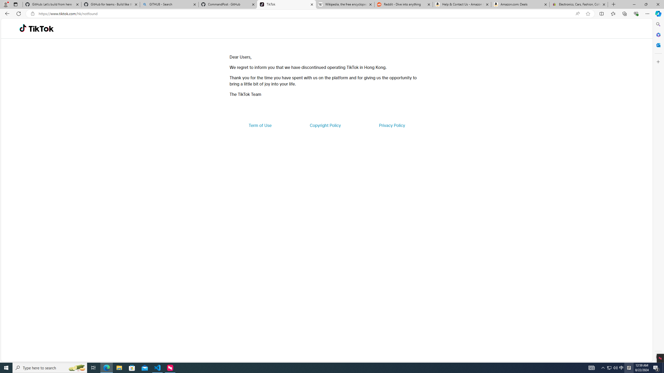 The height and width of the screenshot is (373, 664). What do you see at coordinates (325, 125) in the screenshot?
I see `'Copyright Policy'` at bounding box center [325, 125].